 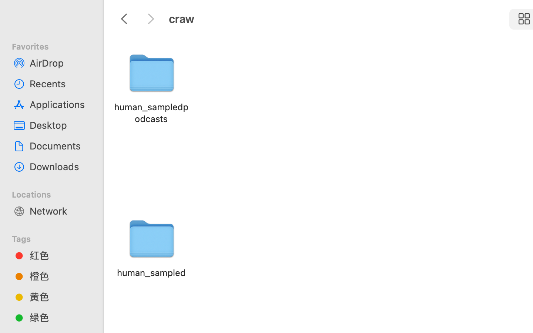 What do you see at coordinates (56, 238) in the screenshot?
I see `'Tags'` at bounding box center [56, 238].